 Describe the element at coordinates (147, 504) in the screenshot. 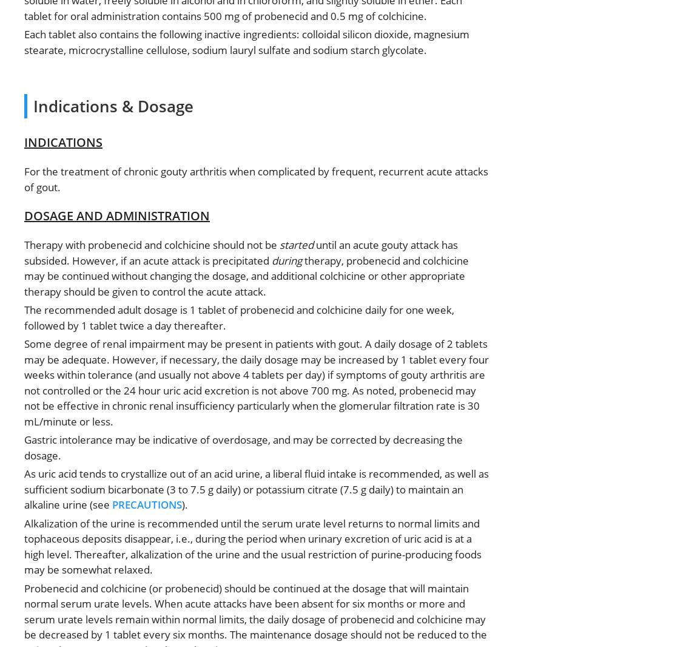

I see `'PRECAUTIONS'` at that location.